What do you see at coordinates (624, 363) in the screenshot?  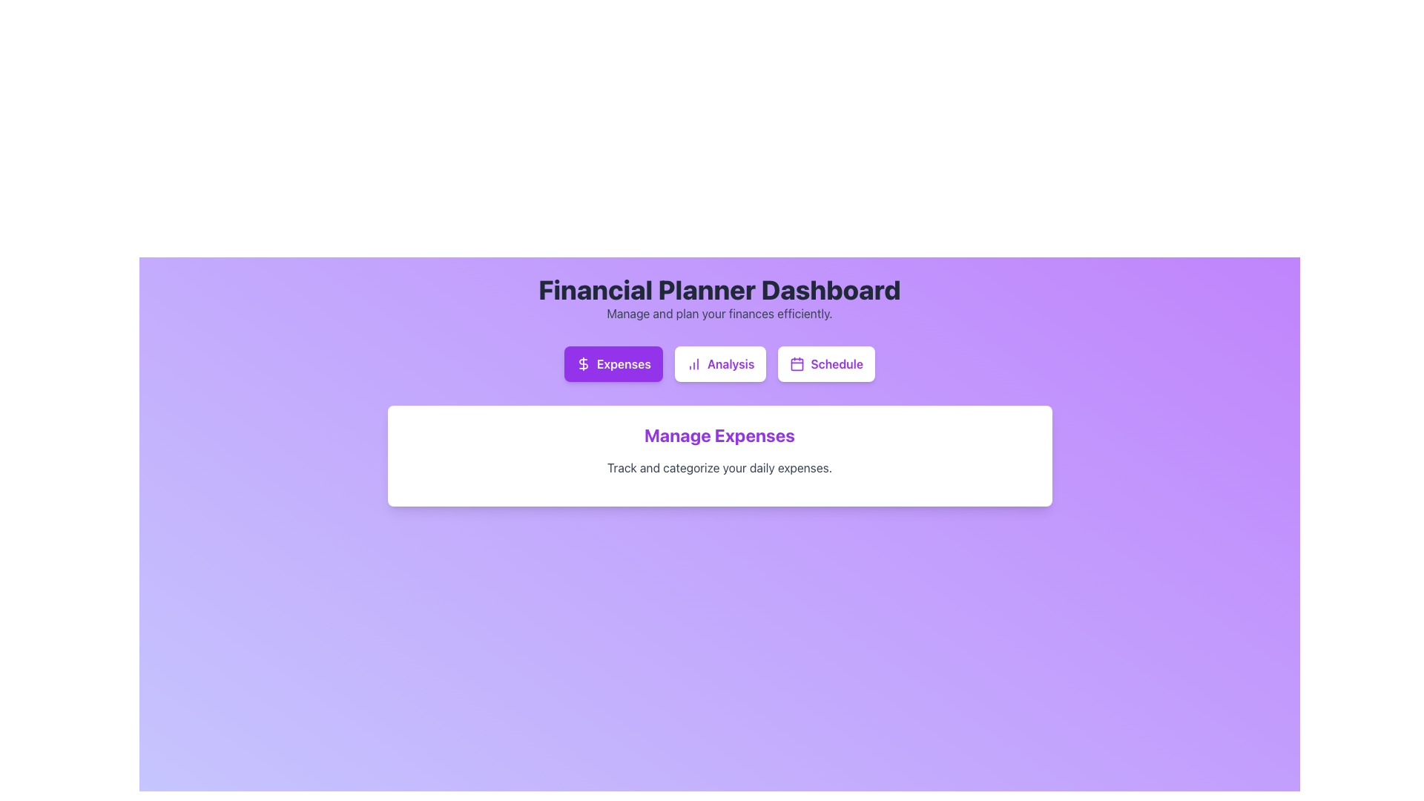 I see `the button labeled 'Expenses', which is a text label in white, bold font, part of a purple button with rounded edges, located below the title 'Financial Planner Dashboard'` at bounding box center [624, 363].